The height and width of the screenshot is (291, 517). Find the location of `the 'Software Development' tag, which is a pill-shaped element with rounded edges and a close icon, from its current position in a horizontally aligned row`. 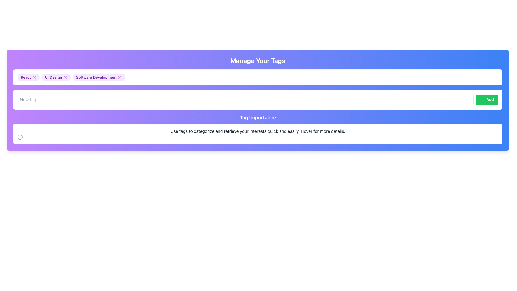

the 'Software Development' tag, which is a pill-shaped element with rounded edges and a close icon, from its current position in a horizontally aligned row is located at coordinates (99, 77).